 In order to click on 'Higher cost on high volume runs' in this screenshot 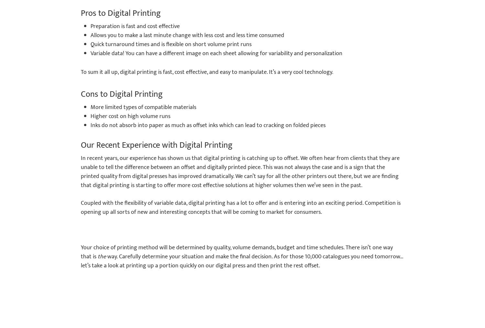, I will do `click(91, 116)`.